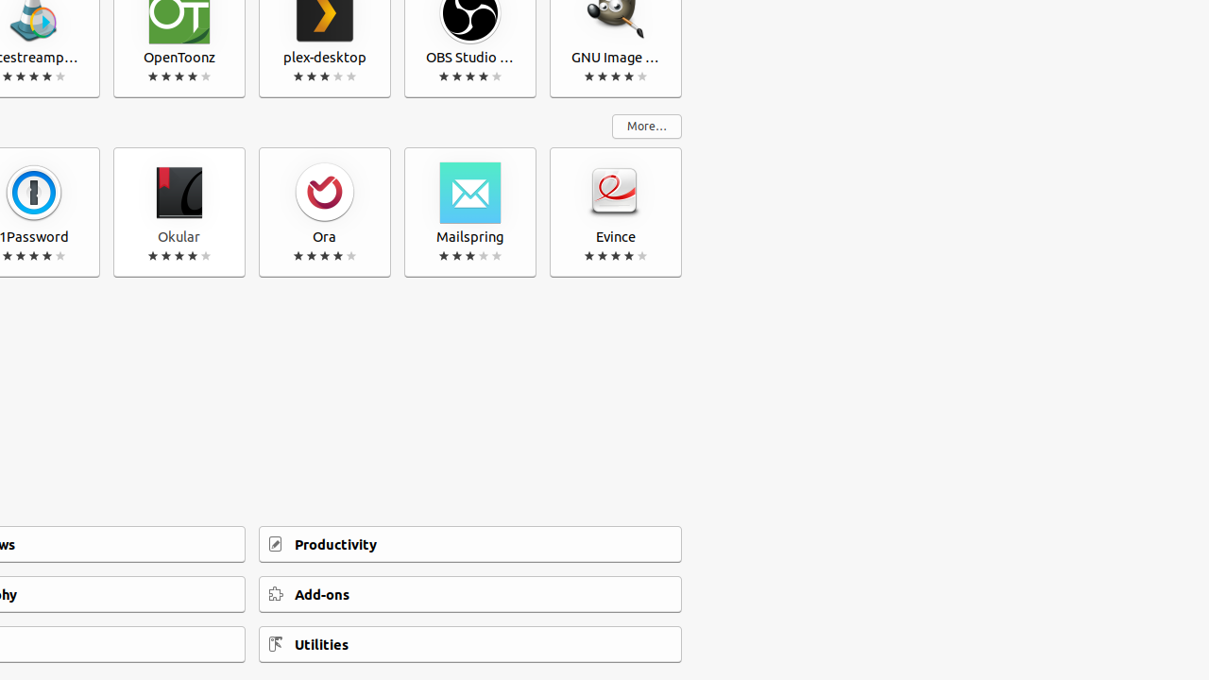  What do you see at coordinates (324, 212) in the screenshot?
I see `'Ora'` at bounding box center [324, 212].